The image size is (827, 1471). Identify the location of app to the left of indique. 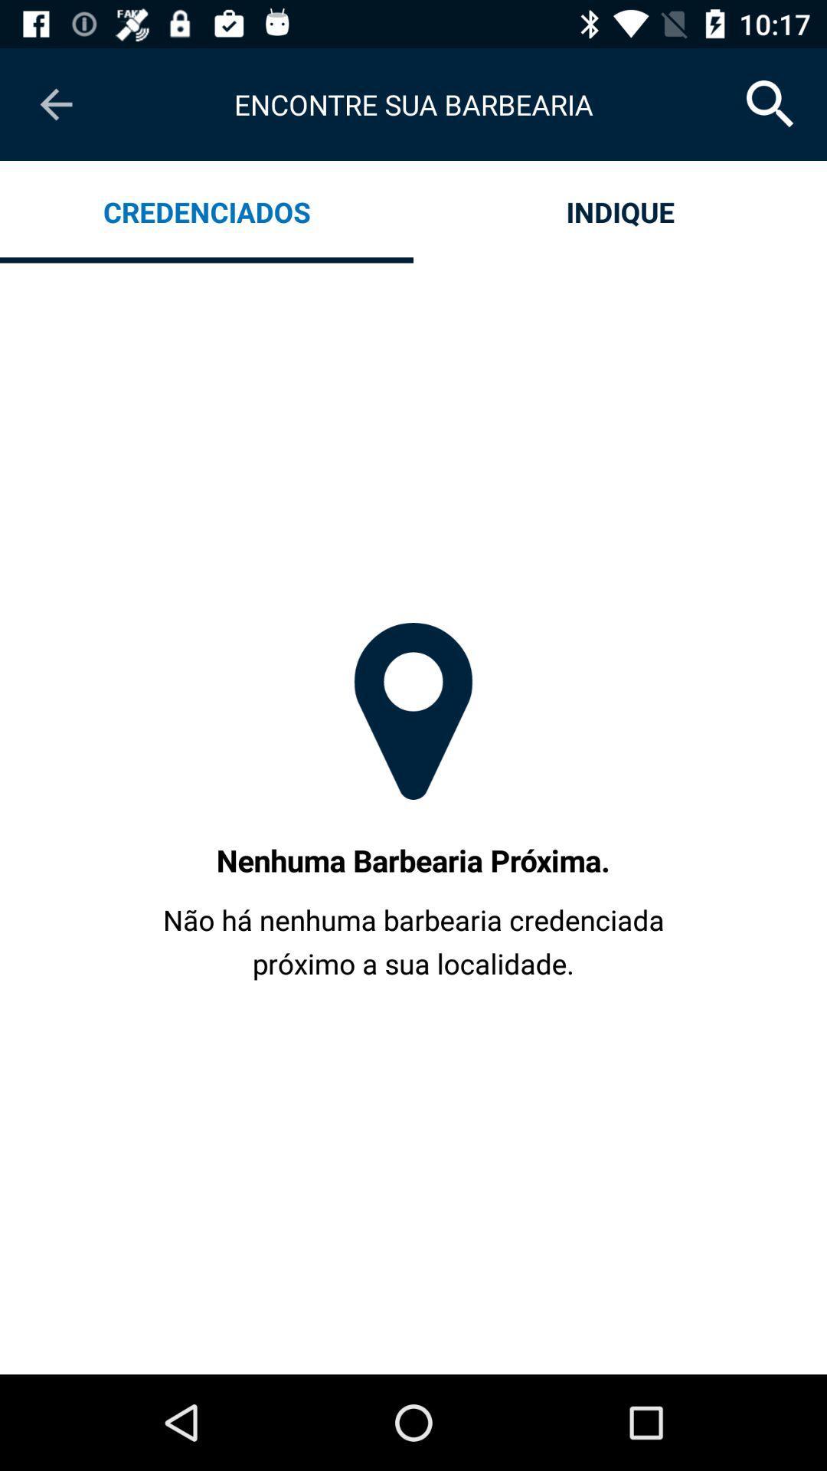
(207, 211).